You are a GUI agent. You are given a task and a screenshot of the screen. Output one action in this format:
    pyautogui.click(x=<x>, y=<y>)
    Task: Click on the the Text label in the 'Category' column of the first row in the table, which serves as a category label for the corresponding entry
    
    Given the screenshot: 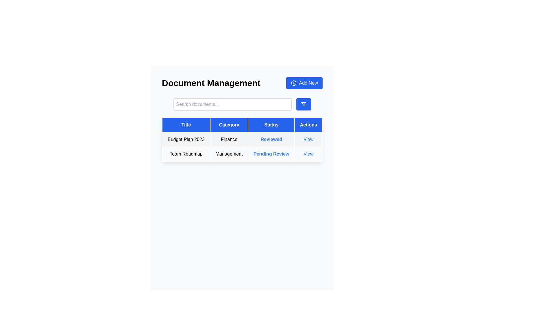 What is the action you would take?
    pyautogui.click(x=229, y=139)
    